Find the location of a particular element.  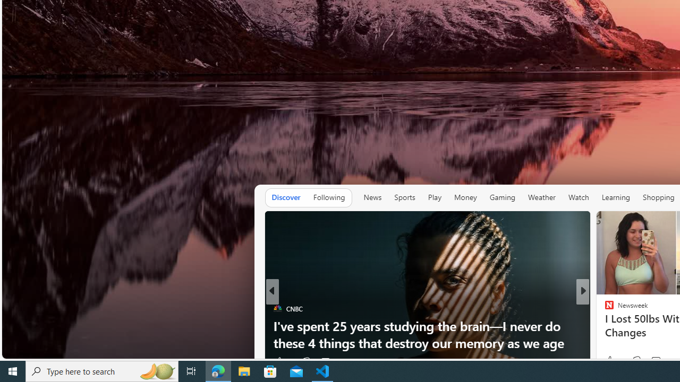

'3 Like' is located at coordinates (608, 361).